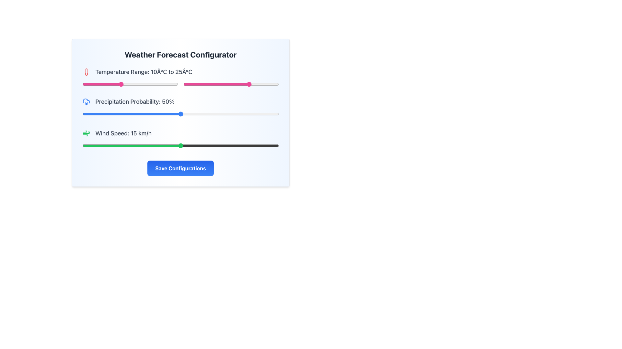  What do you see at coordinates (121, 84) in the screenshot?
I see `the slider value` at bounding box center [121, 84].